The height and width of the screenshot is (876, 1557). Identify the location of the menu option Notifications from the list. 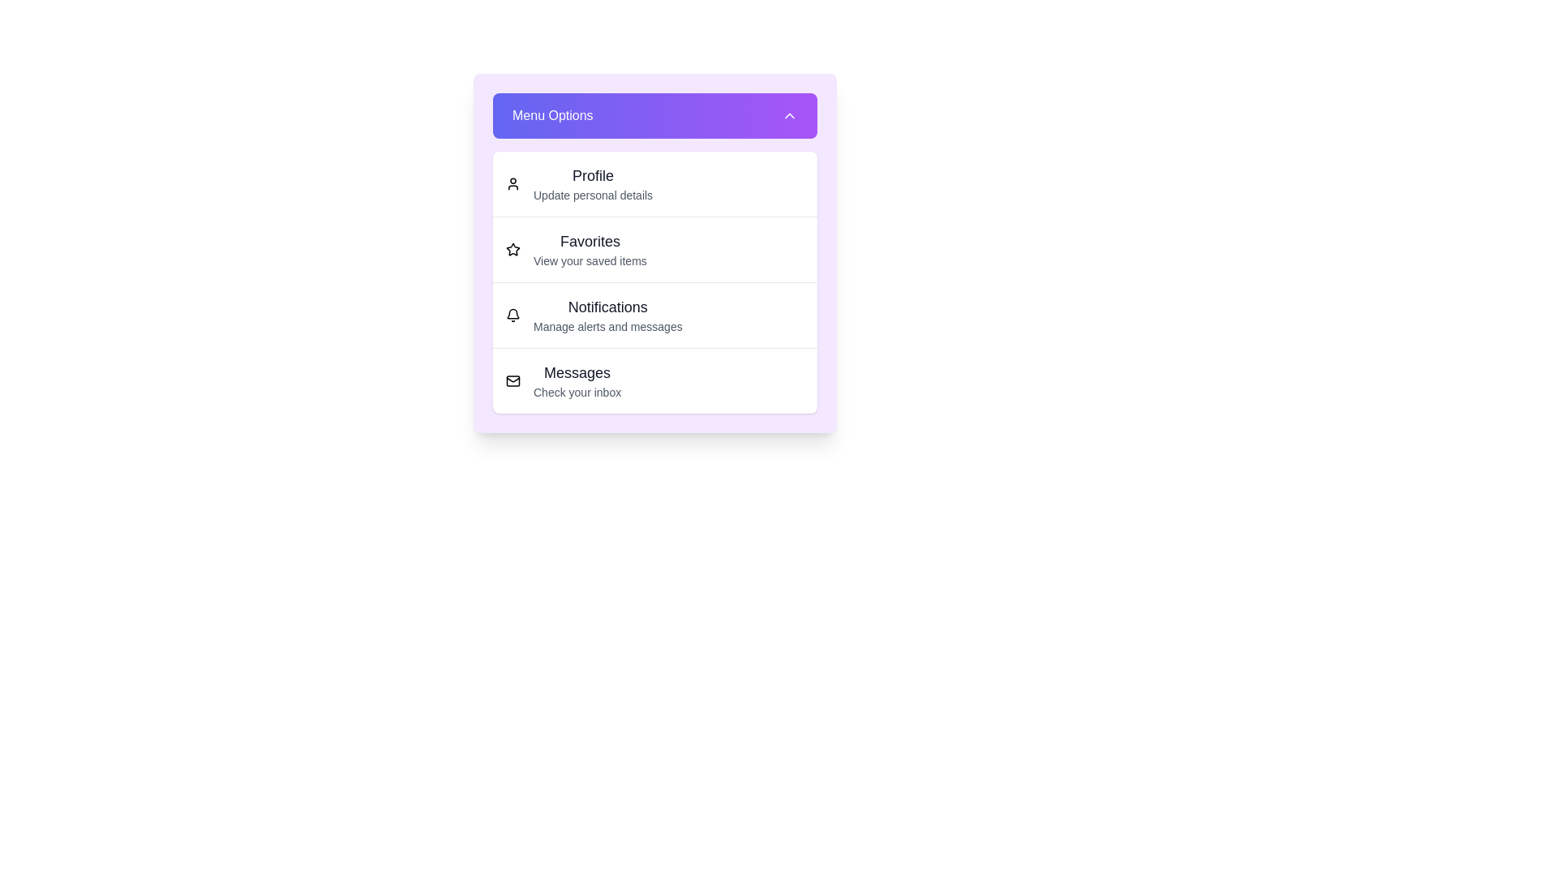
(654, 315).